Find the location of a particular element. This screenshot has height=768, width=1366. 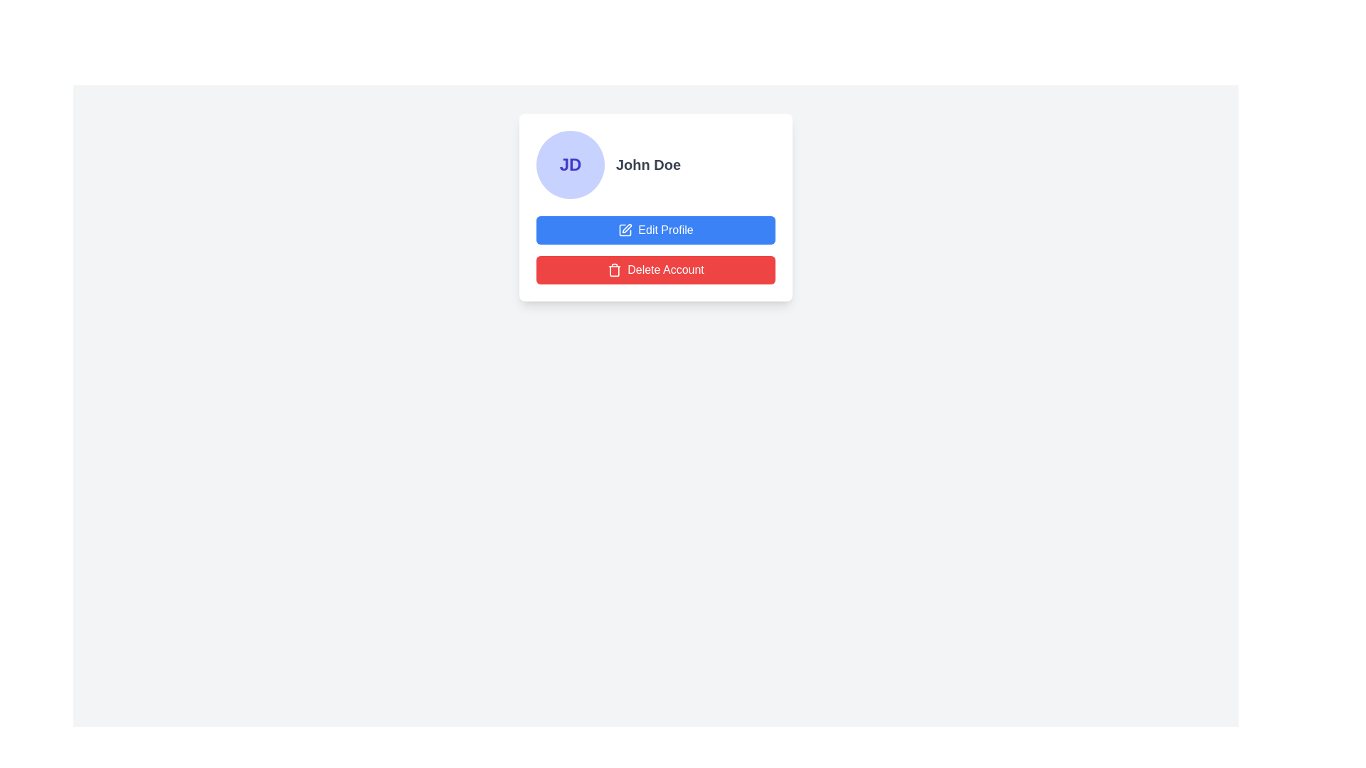

the buttons within the card component that has a white background, shadow effects, and rounded corners, containing the initials 'JD' and the name 'John Doe' is located at coordinates (655, 208).